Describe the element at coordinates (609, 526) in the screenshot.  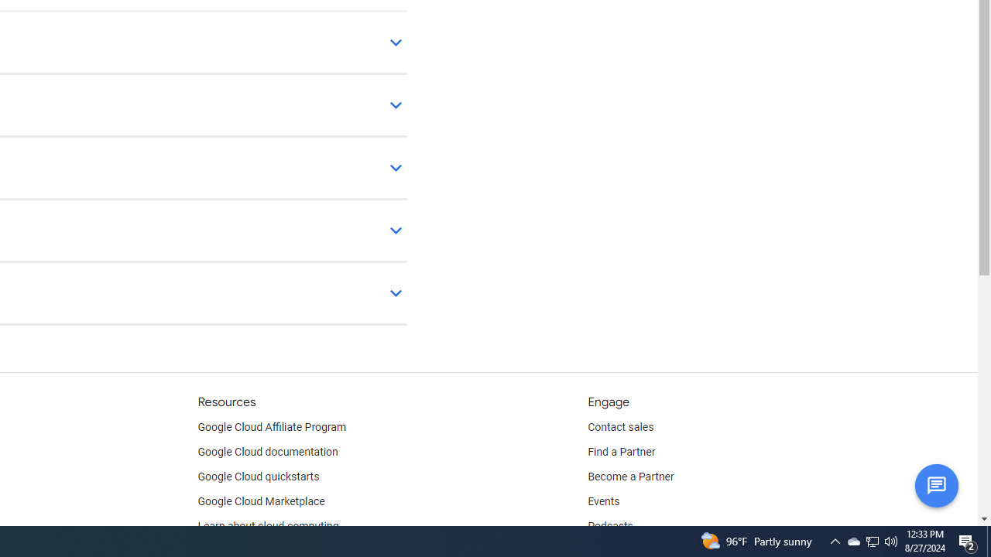
I see `'Podcasts'` at that location.